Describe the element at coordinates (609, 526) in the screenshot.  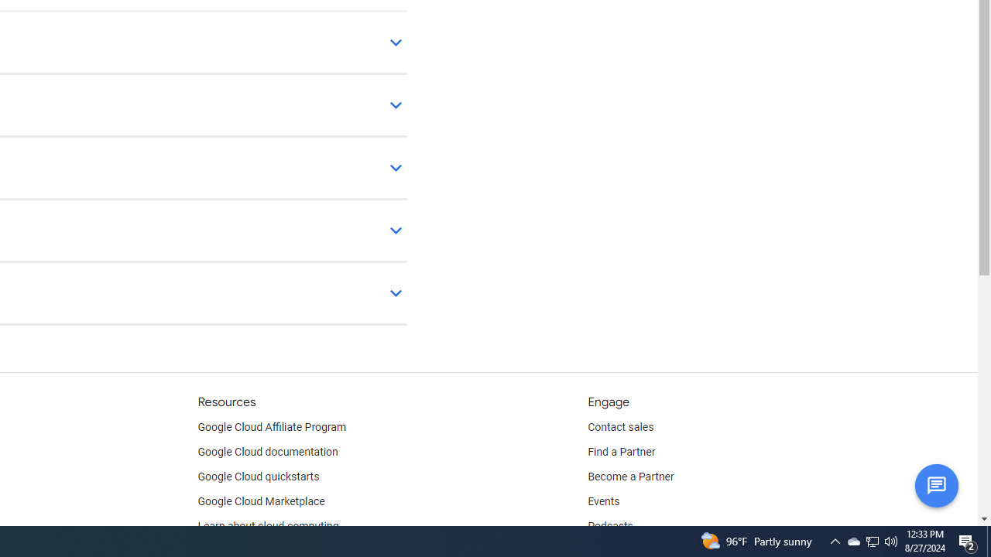
I see `'Podcasts'` at that location.